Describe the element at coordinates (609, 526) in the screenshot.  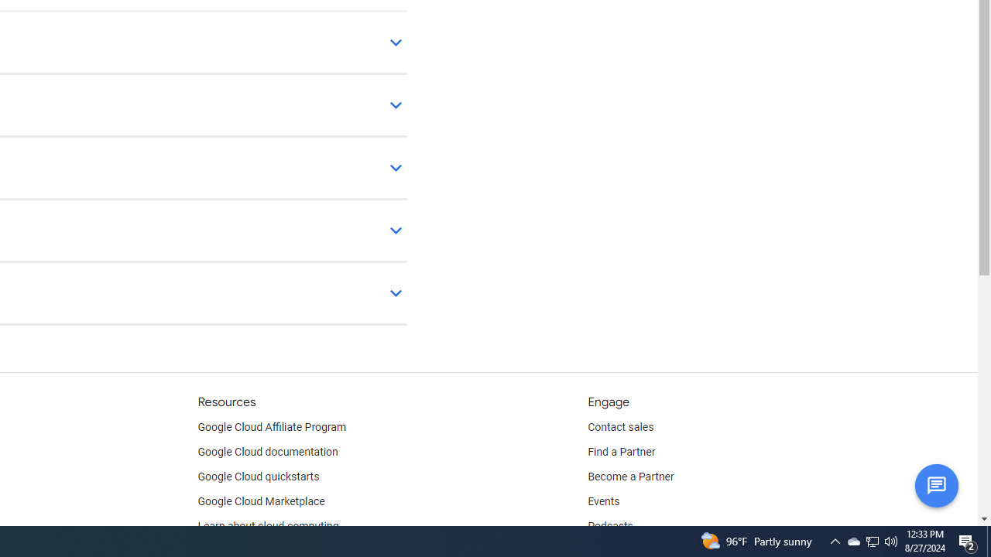
I see `'Podcasts'` at that location.